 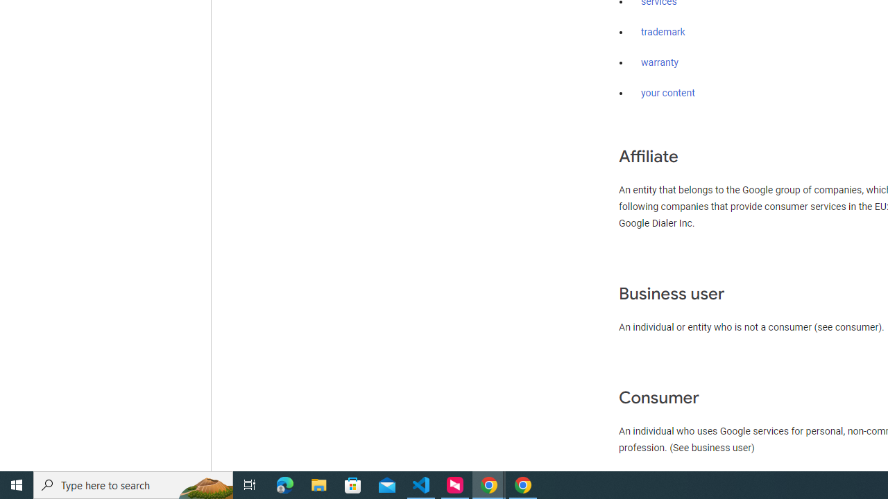 I want to click on 'warranty', so click(x=659, y=63).